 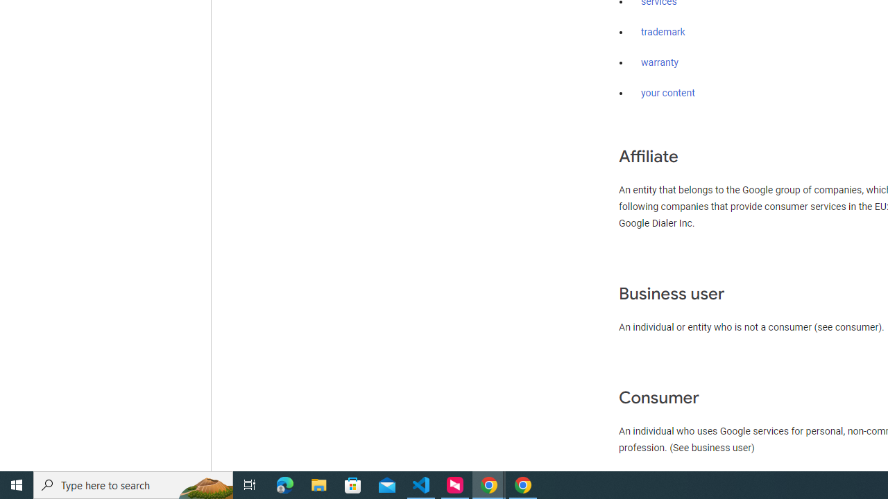 I want to click on 'warranty', so click(x=659, y=63).